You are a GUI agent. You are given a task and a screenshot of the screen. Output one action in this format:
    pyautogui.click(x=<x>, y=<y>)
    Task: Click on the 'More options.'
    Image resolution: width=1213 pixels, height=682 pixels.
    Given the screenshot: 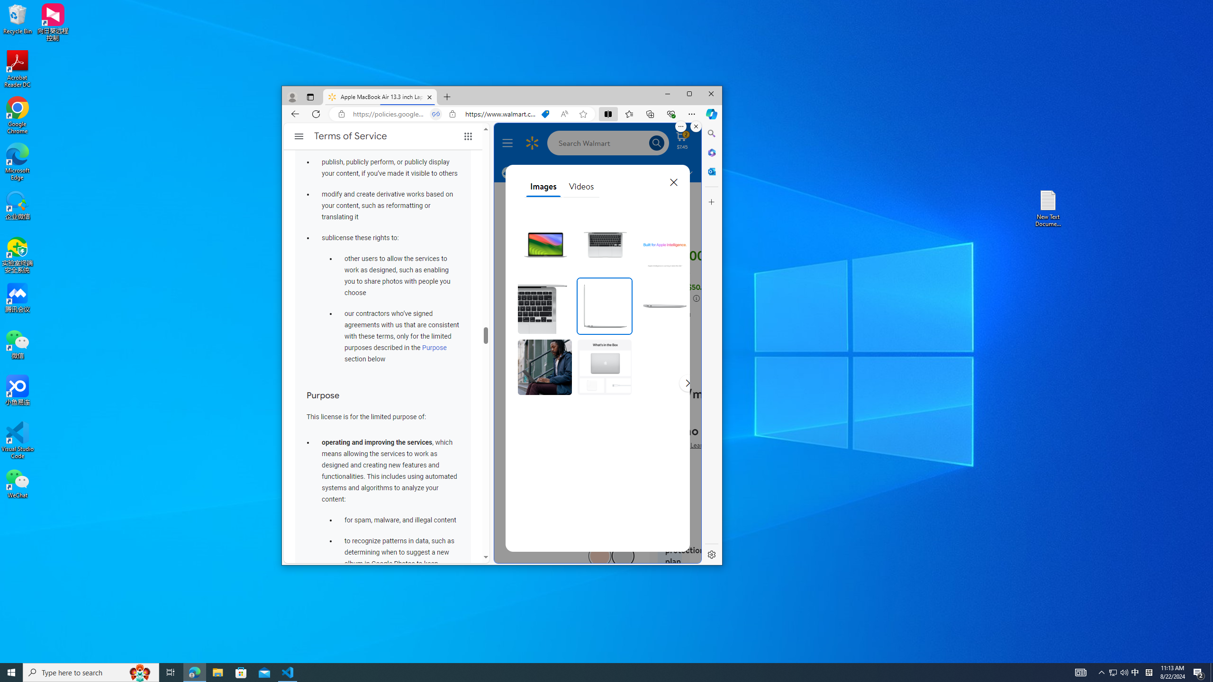 What is the action you would take?
    pyautogui.click(x=680, y=126)
    